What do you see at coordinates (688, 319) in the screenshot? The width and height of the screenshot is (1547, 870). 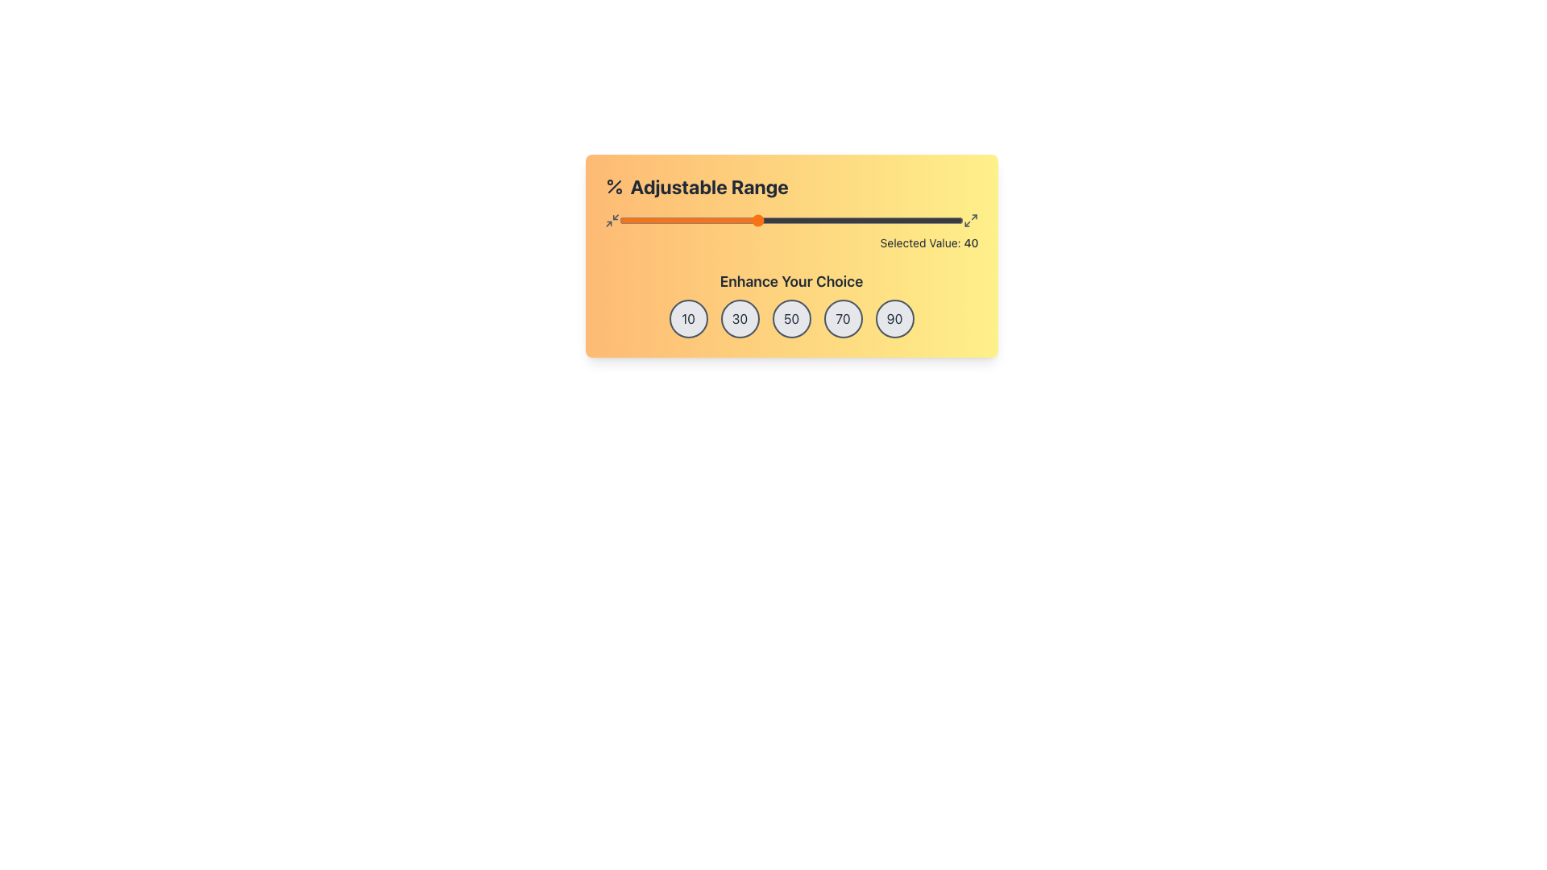 I see `the first circular button that selects a preset value of '10', located centrally below the 'Enhance Your Choice' label` at bounding box center [688, 319].